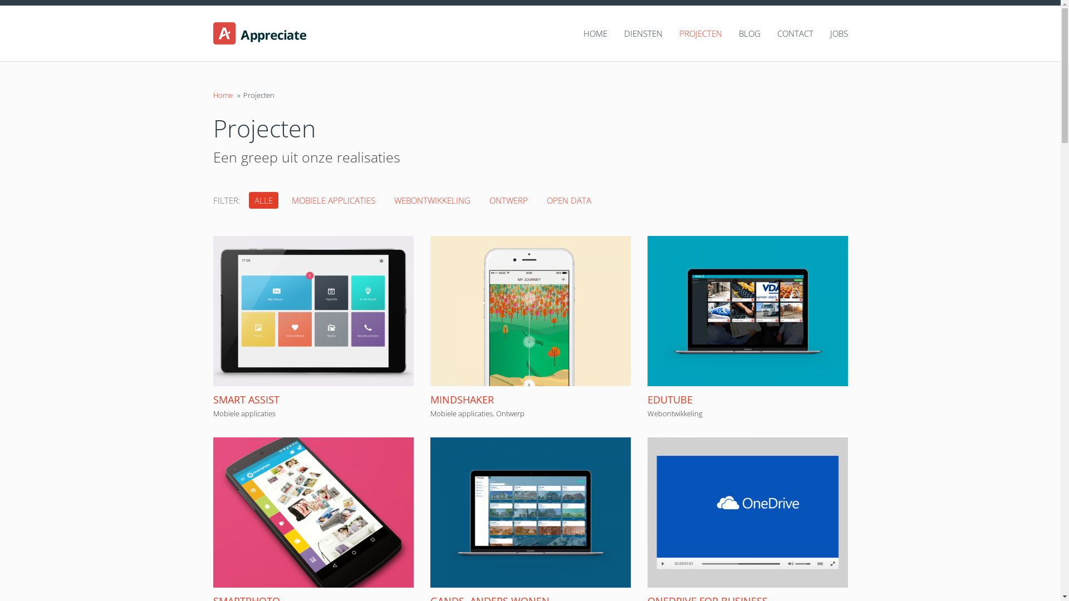 The image size is (1069, 601). What do you see at coordinates (245, 398) in the screenshot?
I see `'SMART ASSIST'` at bounding box center [245, 398].